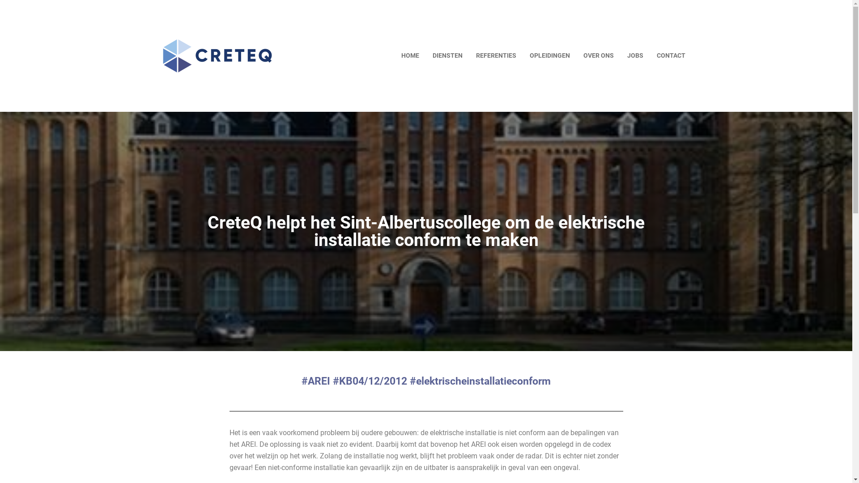 This screenshot has width=859, height=483. I want to click on 'OVER ONS', so click(598, 55).